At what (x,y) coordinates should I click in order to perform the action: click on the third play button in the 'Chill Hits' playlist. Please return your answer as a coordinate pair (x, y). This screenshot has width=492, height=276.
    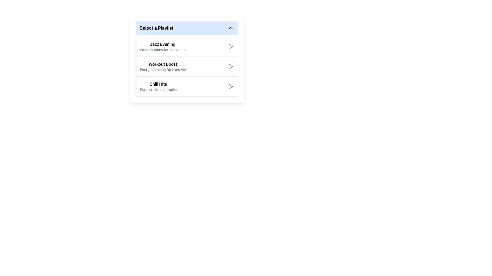
    Looking at the image, I should click on (230, 86).